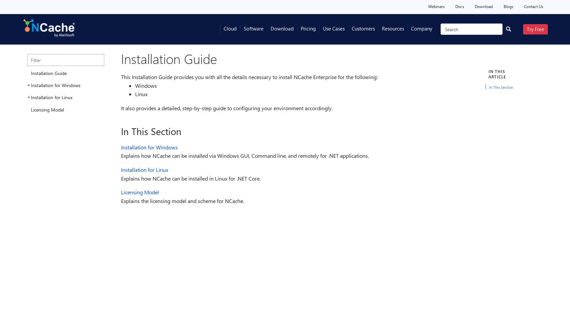  What do you see at coordinates (139, 192) in the screenshot?
I see `'Licensing Model'` at bounding box center [139, 192].